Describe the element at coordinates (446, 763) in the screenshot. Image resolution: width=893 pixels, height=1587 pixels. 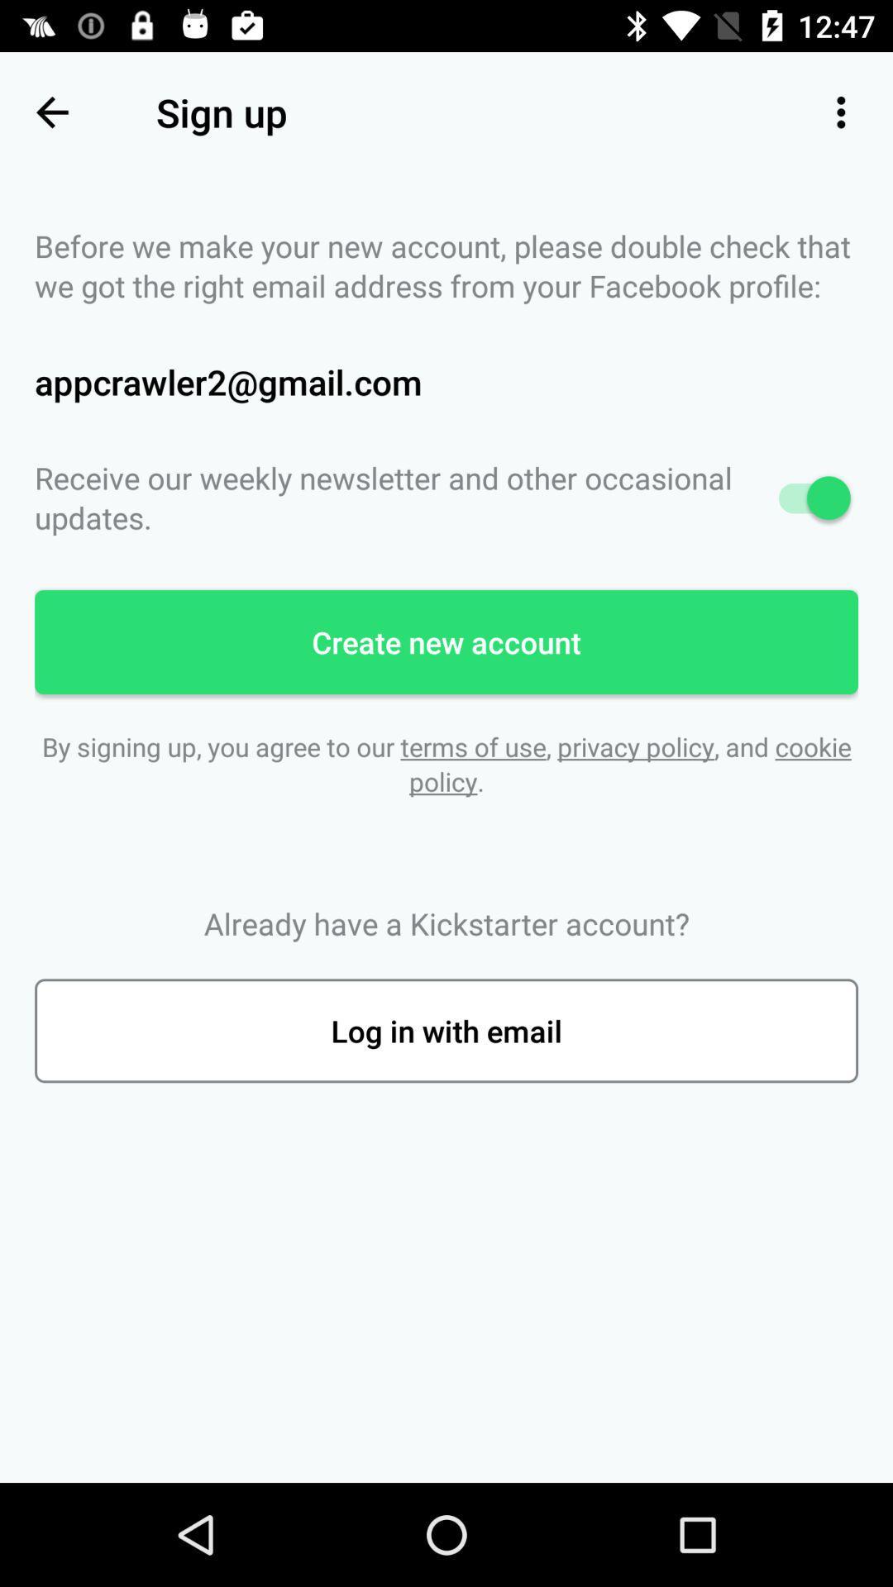
I see `icon above already have a` at that location.